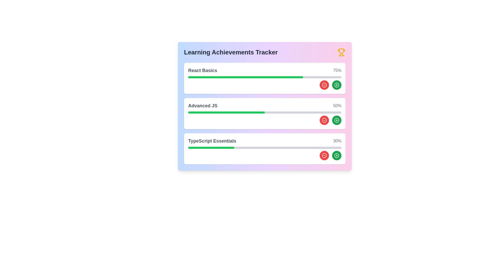 The width and height of the screenshot is (497, 280). Describe the element at coordinates (337, 155) in the screenshot. I see `the button located on the right side of the UI panel within the 'TypeScript Essentials' row` at that location.